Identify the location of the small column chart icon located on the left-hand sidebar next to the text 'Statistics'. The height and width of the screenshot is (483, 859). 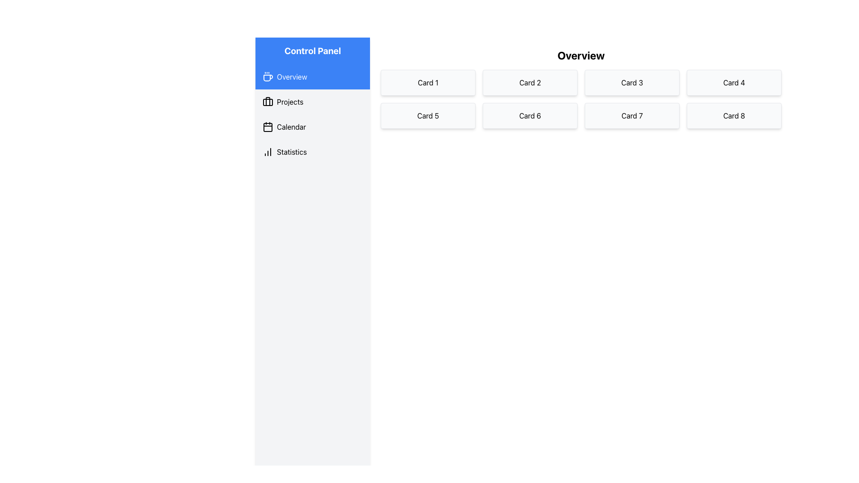
(268, 151).